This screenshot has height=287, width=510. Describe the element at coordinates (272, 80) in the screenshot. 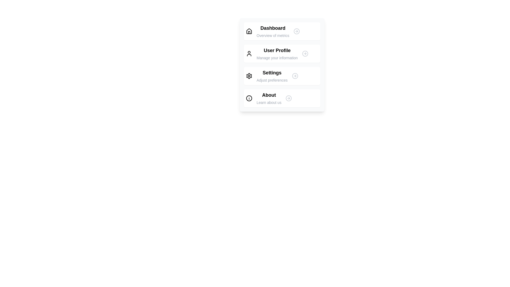

I see `the text label displaying 'Adjust preferences' located beneath the 'Settings' title in the vertical menu structure` at that location.